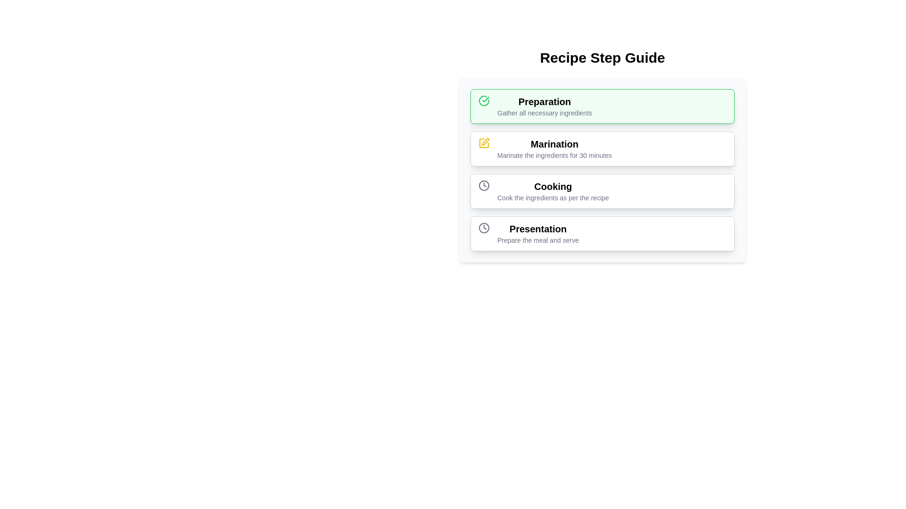  What do you see at coordinates (545, 106) in the screenshot?
I see `text displayed in the 'Preparation' section of the Recipe Step Guide, which includes the title 'Preparation' in bold and the subtext 'Gather all necessary ingredients'` at bounding box center [545, 106].